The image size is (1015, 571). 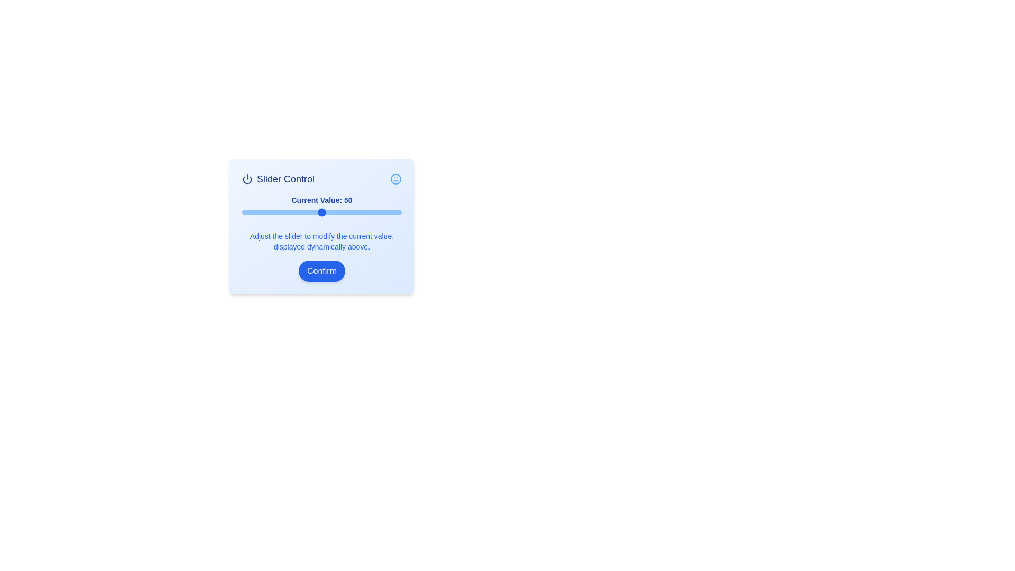 What do you see at coordinates (388, 212) in the screenshot?
I see `the slider's value` at bounding box center [388, 212].